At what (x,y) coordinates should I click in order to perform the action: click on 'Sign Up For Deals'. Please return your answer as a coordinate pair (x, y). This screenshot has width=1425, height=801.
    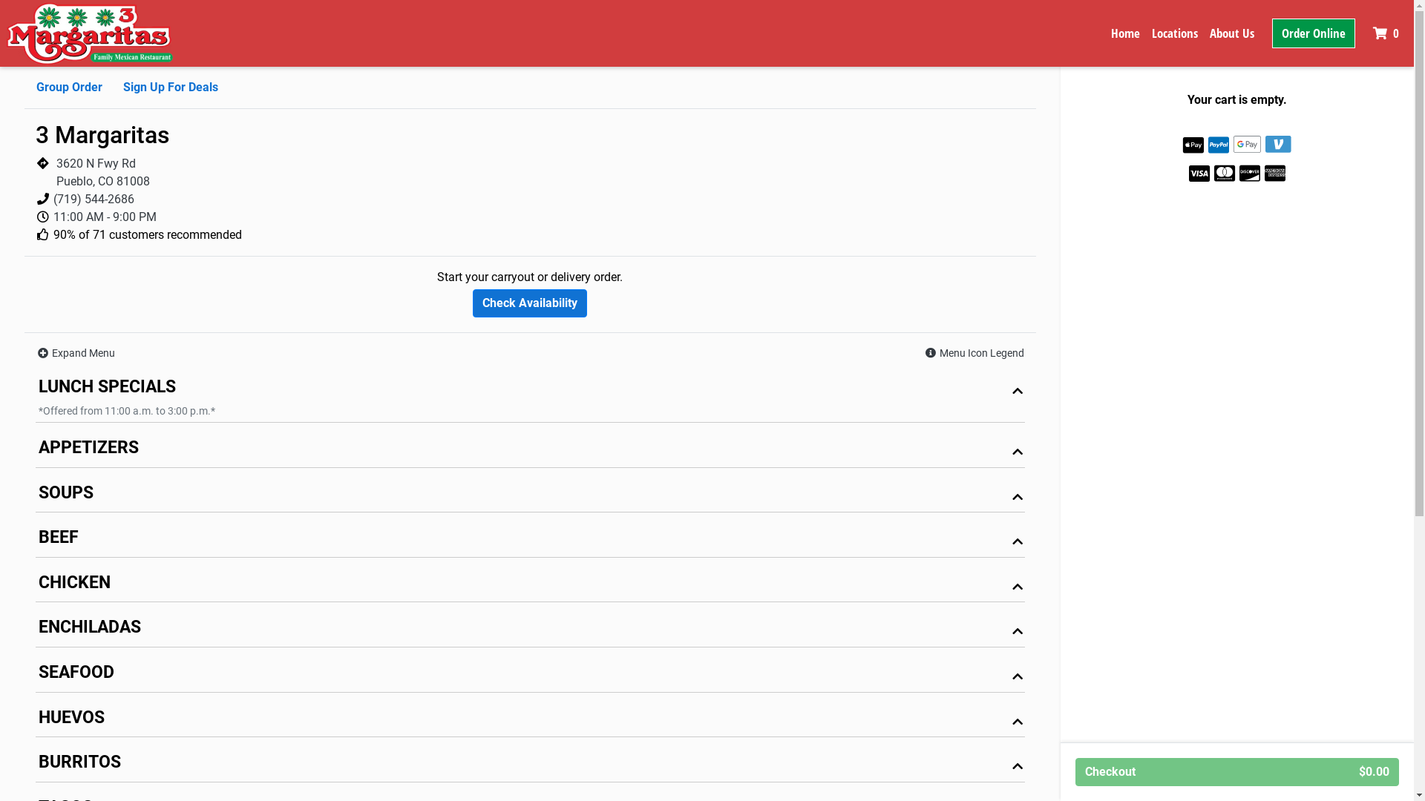
    Looking at the image, I should click on (123, 88).